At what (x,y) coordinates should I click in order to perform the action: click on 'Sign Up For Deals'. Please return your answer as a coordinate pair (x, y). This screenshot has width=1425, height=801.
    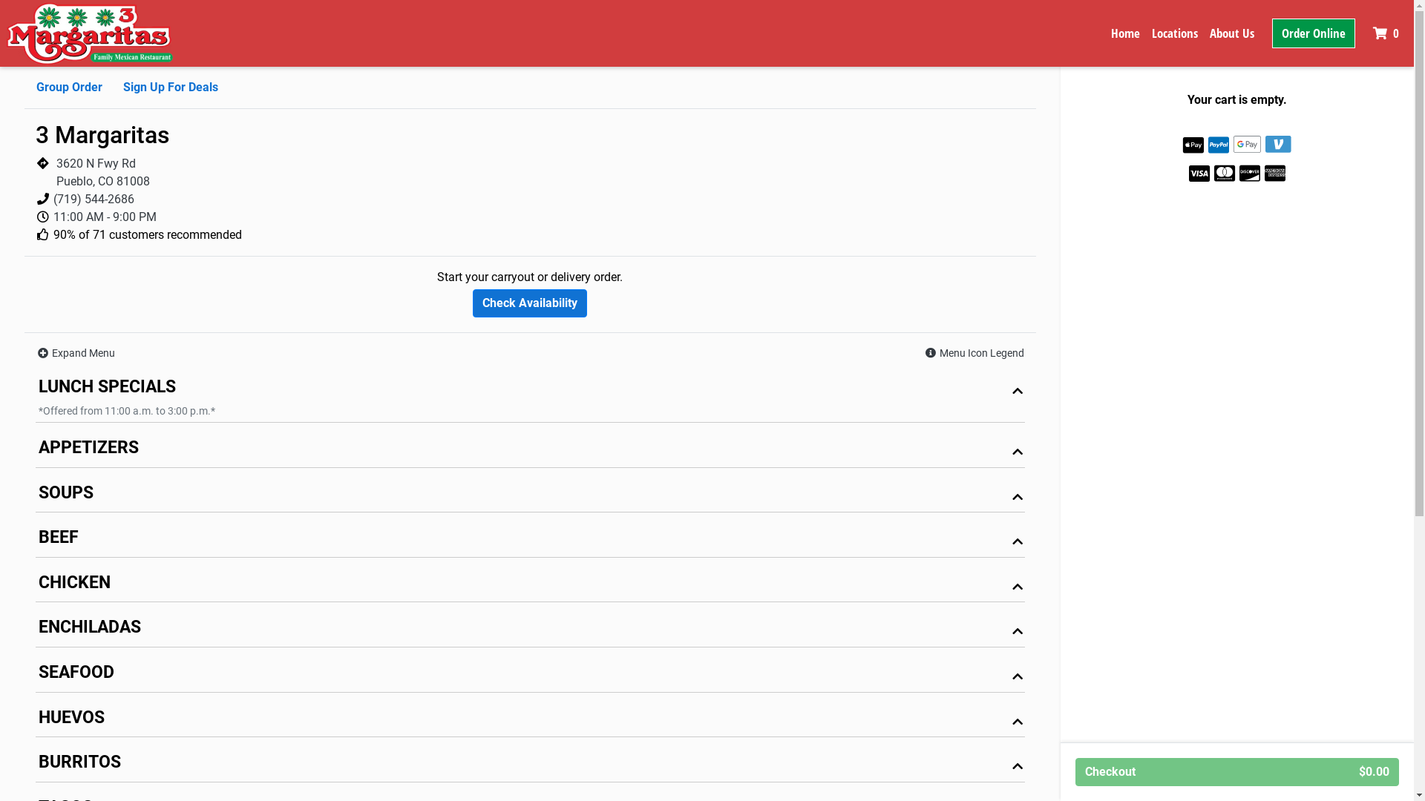
    Looking at the image, I should click on (123, 88).